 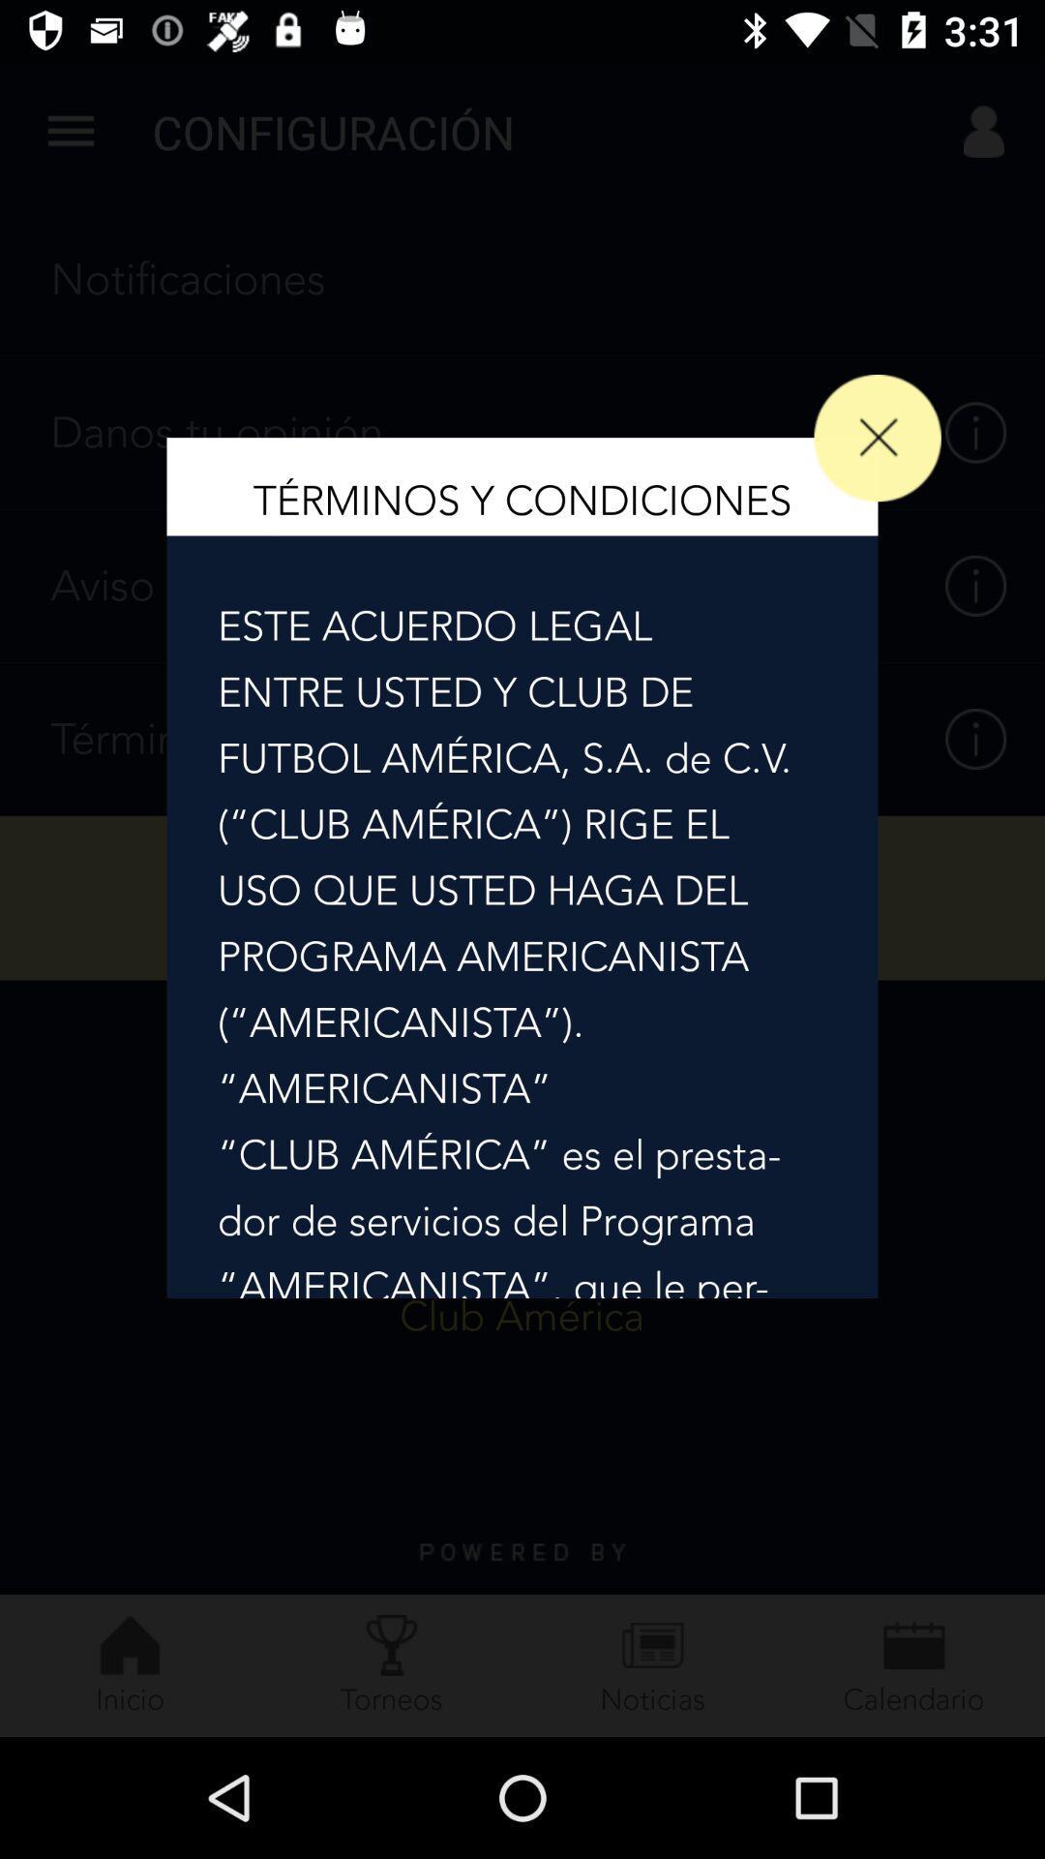 I want to click on item at the top right corner, so click(x=878, y=437).